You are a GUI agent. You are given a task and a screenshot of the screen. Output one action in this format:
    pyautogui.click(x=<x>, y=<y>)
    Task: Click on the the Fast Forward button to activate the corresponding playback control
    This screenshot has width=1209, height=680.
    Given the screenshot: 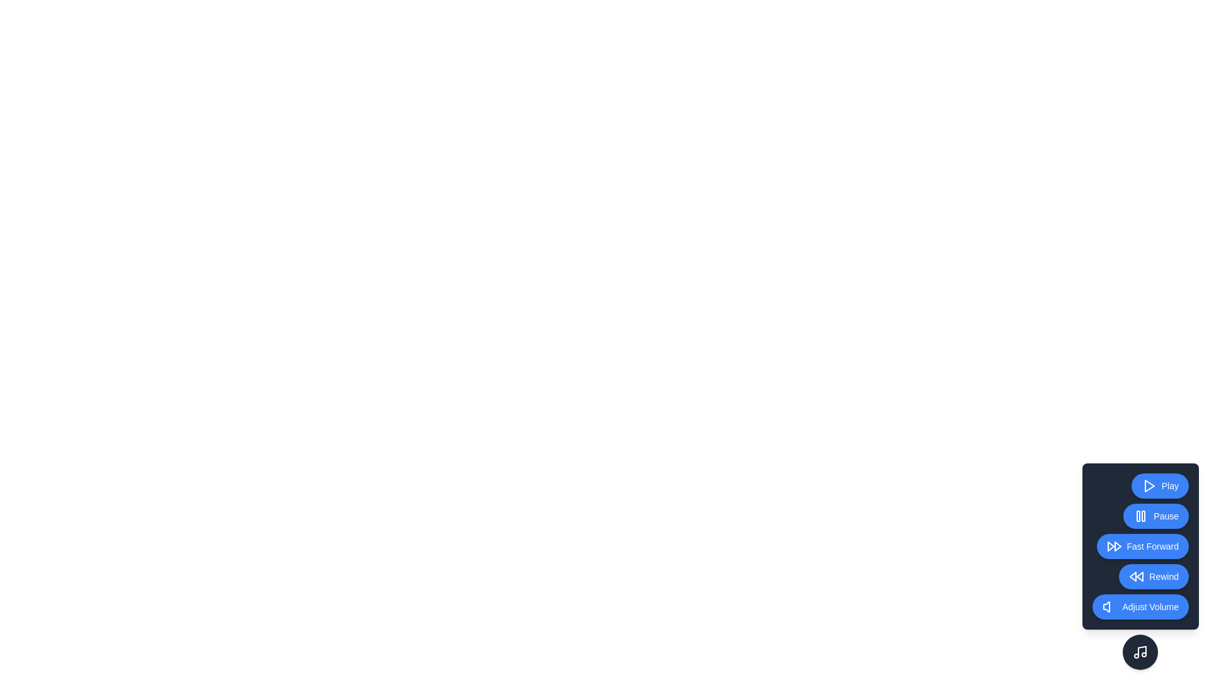 What is the action you would take?
    pyautogui.click(x=1142, y=545)
    